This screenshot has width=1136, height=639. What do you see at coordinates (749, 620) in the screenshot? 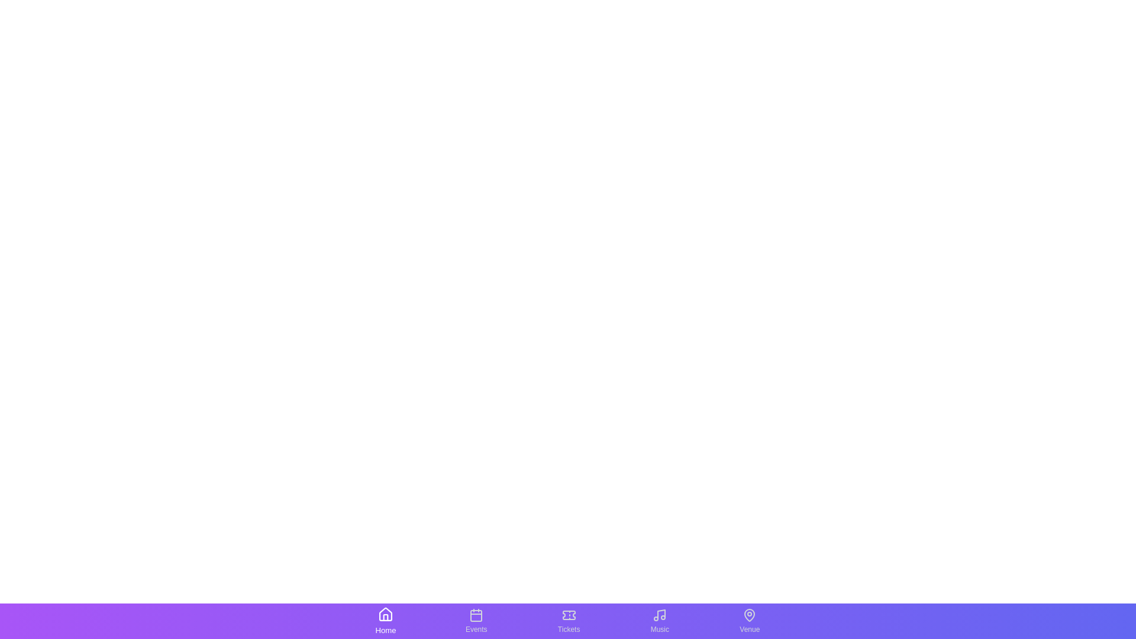
I see `the tab labeled Venue` at bounding box center [749, 620].